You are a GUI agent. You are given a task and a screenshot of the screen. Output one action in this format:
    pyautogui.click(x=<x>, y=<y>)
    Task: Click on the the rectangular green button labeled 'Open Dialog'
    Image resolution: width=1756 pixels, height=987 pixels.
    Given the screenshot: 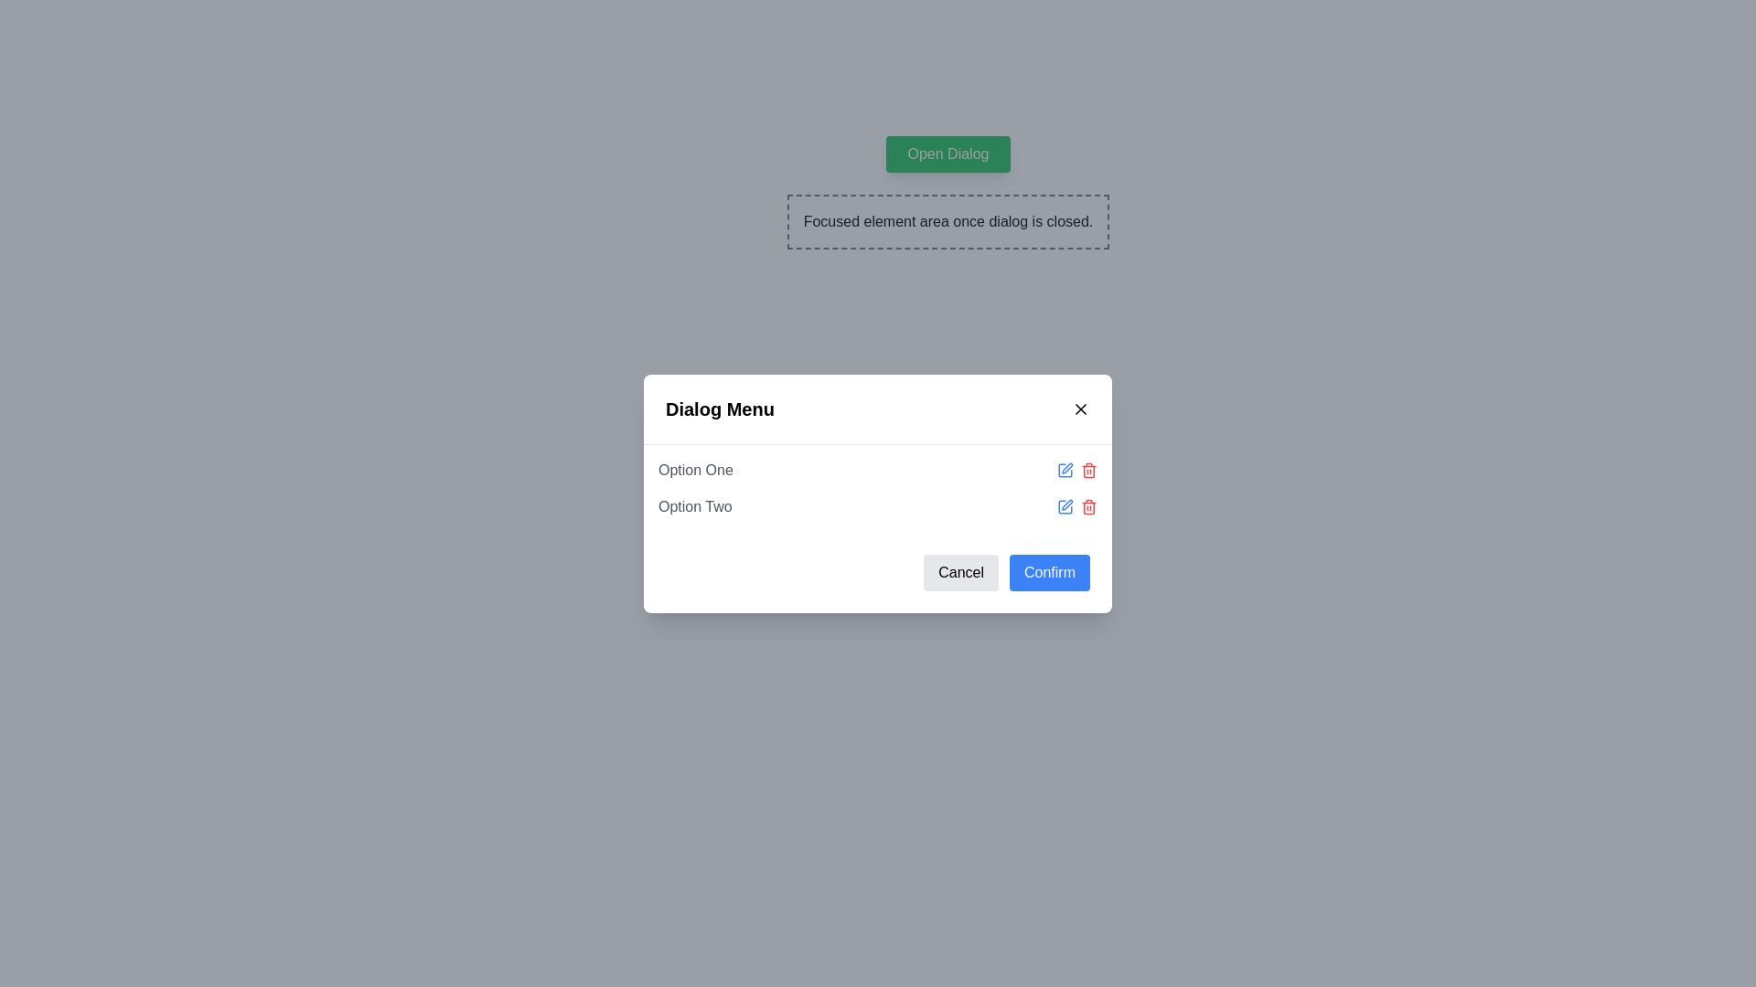 What is the action you would take?
    pyautogui.click(x=948, y=154)
    